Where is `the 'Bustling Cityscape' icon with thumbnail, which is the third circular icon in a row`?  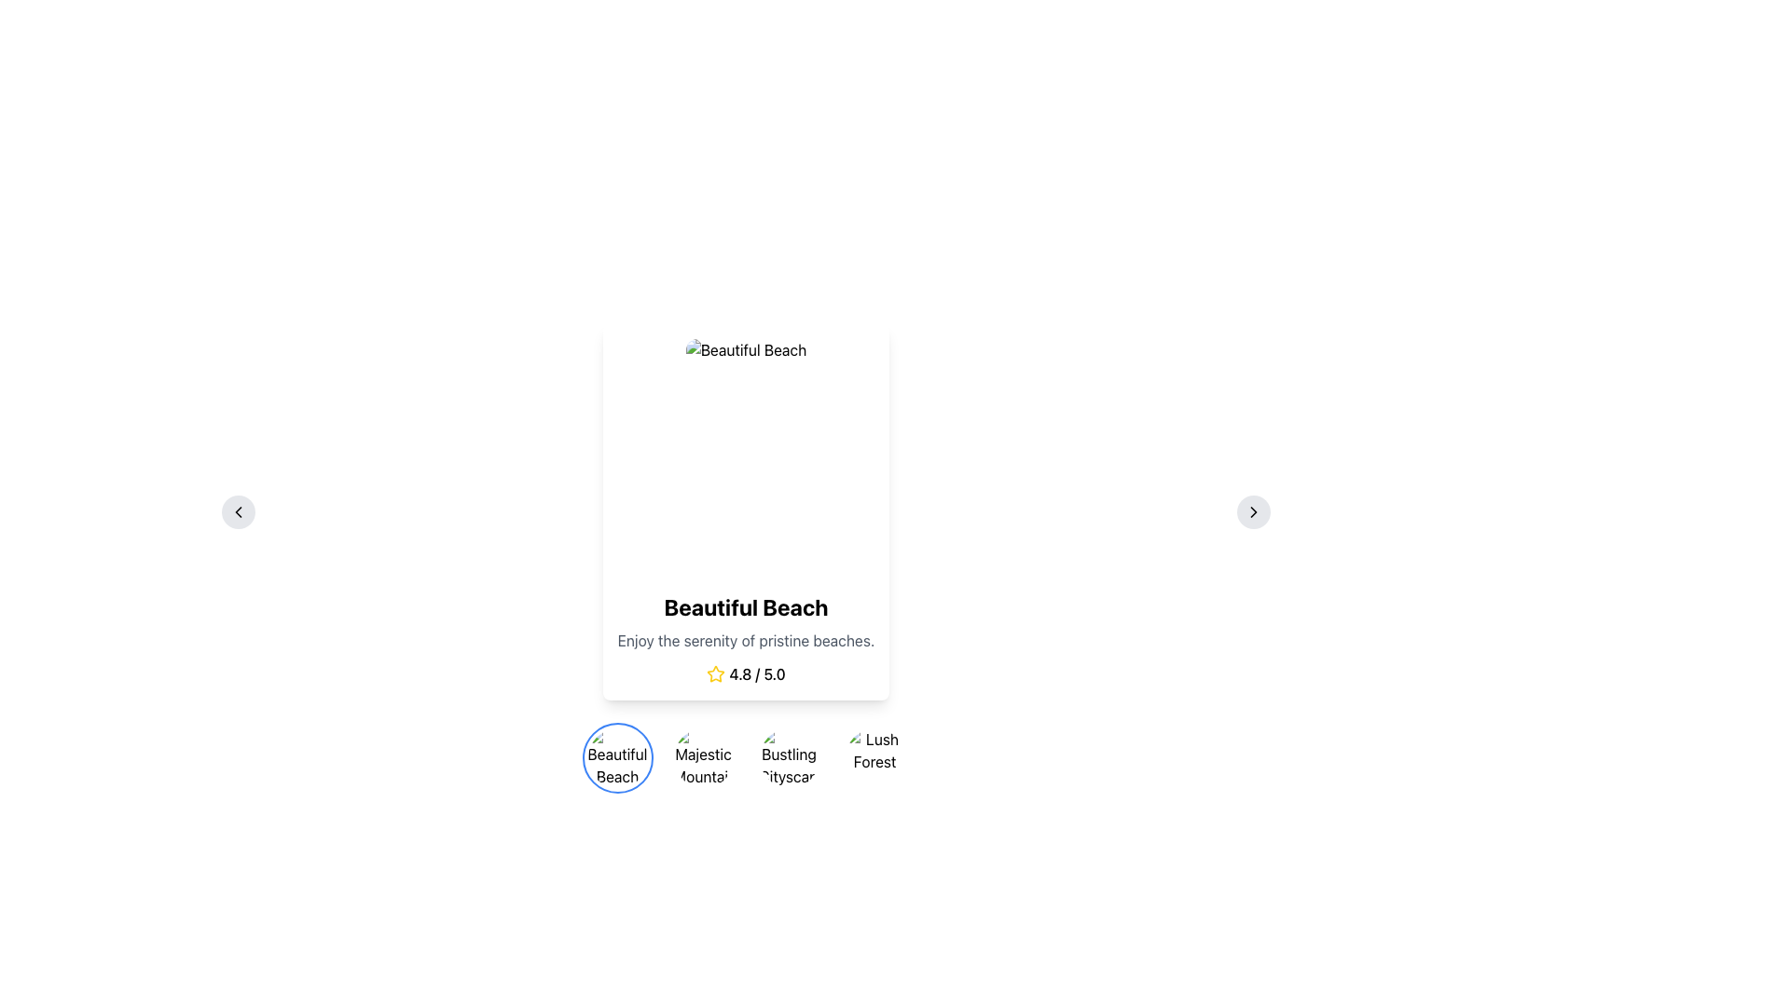 the 'Bustling Cityscape' icon with thumbnail, which is the third circular icon in a row is located at coordinates (789, 757).